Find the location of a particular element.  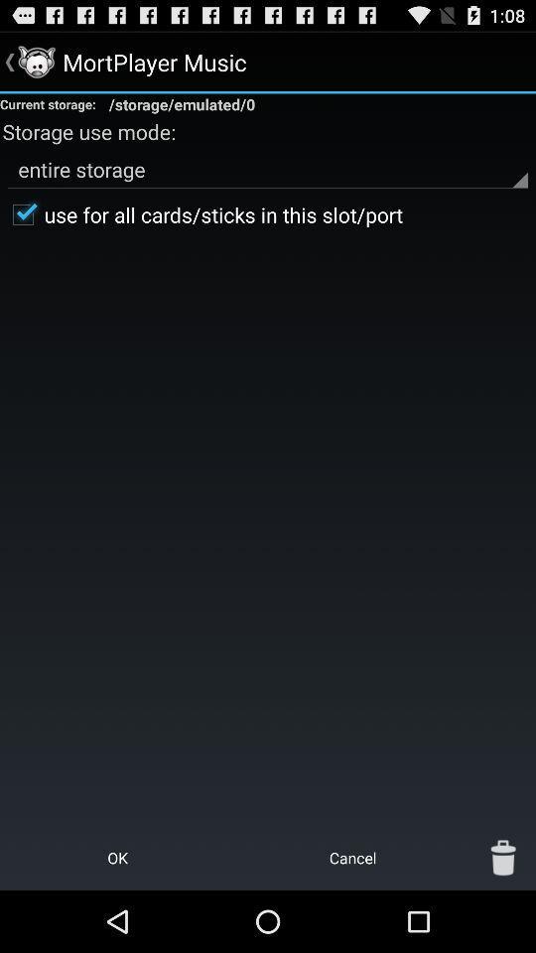

delete item is located at coordinates (503, 857).